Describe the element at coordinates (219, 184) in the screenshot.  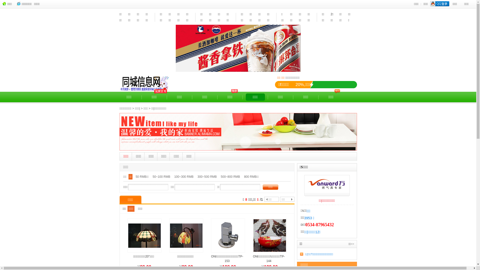
I see `'500~800 RMB'` at that location.